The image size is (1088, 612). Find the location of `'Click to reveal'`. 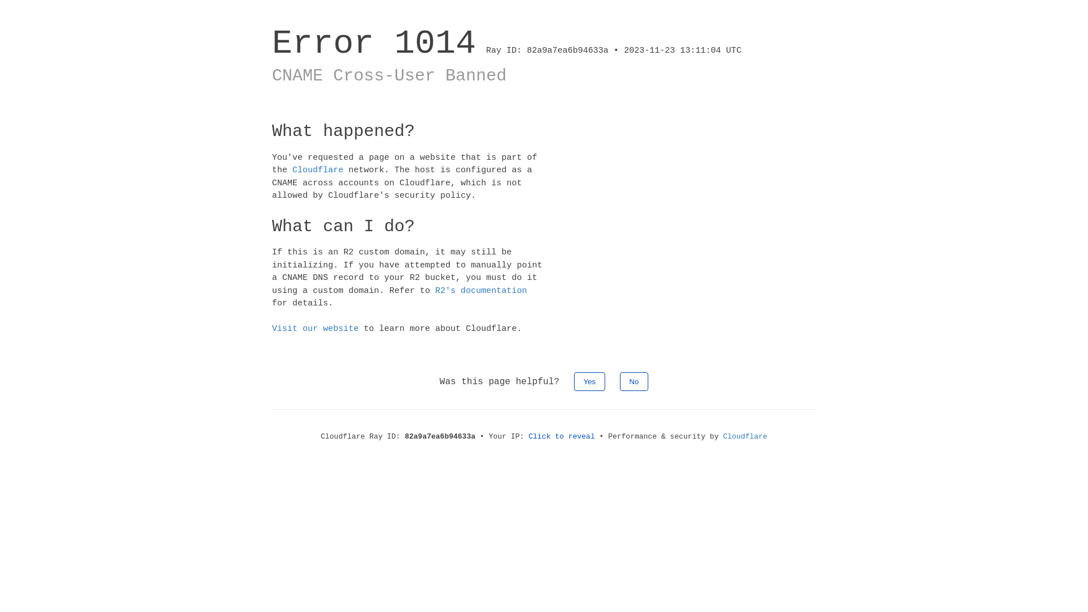

'Click to reveal' is located at coordinates (562, 435).